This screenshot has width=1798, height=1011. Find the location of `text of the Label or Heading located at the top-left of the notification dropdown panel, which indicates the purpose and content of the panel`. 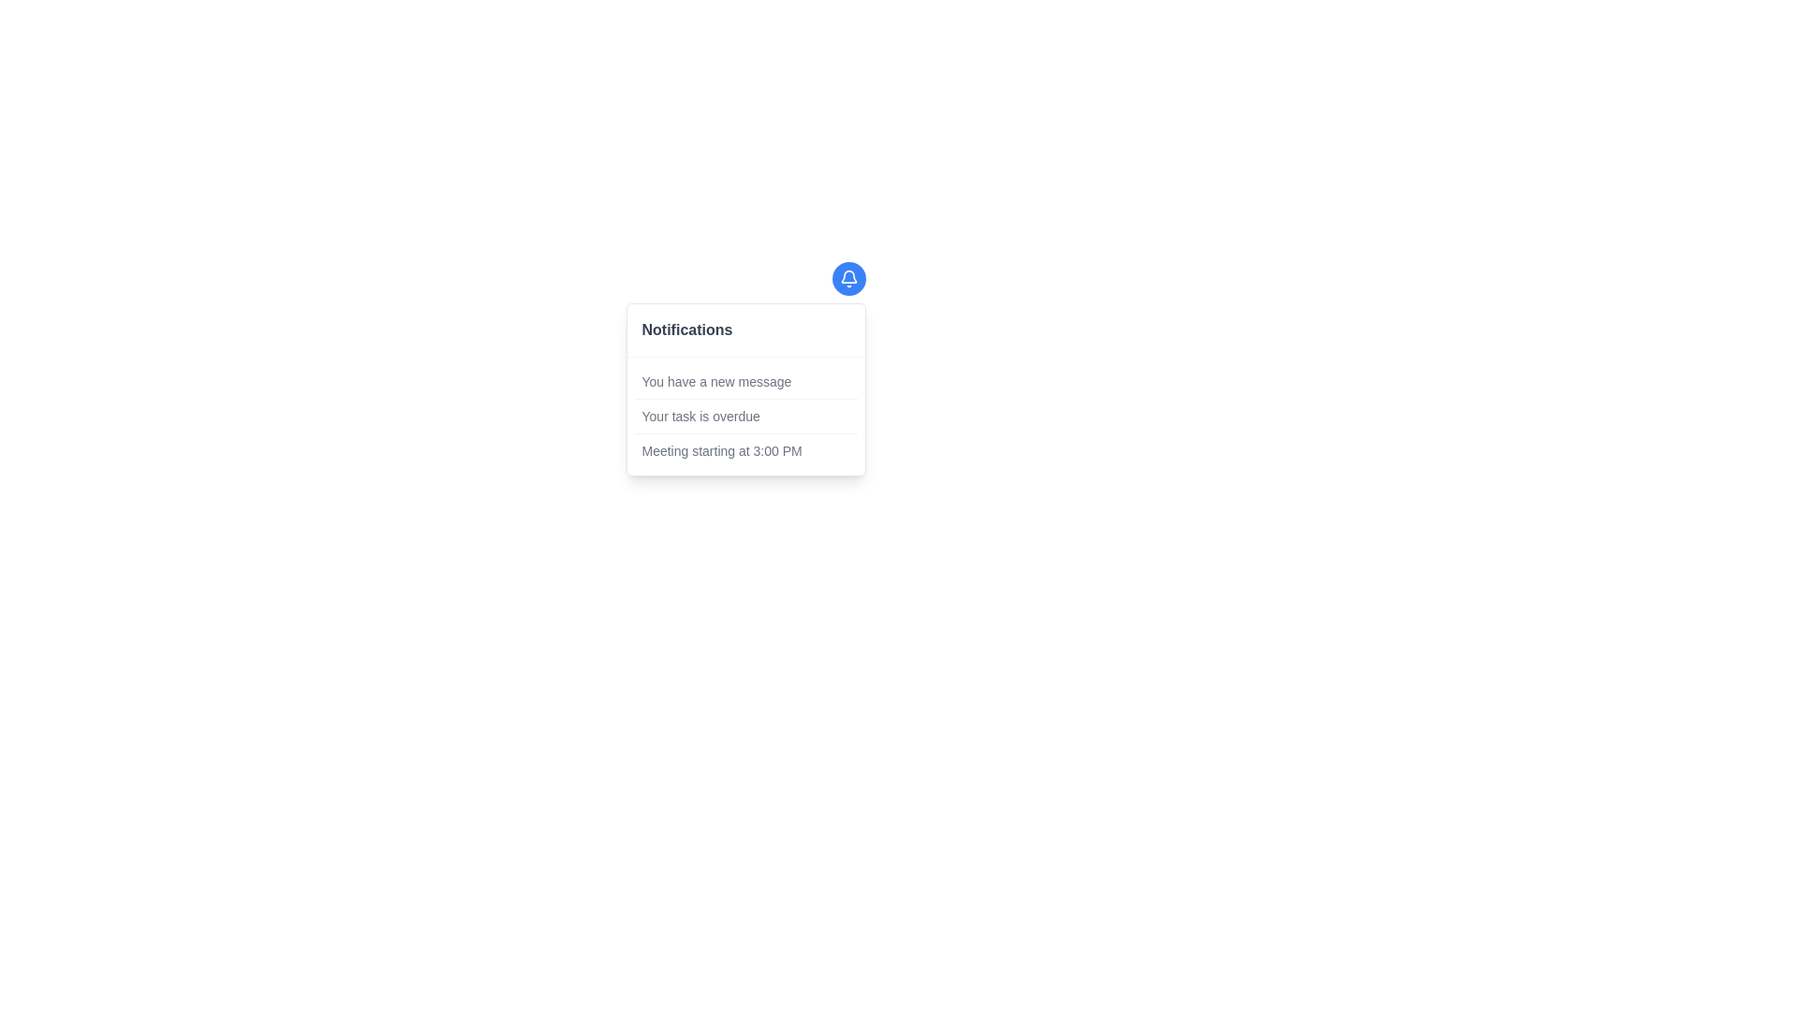

text of the Label or Heading located at the top-left of the notification dropdown panel, which indicates the purpose and content of the panel is located at coordinates (686, 330).